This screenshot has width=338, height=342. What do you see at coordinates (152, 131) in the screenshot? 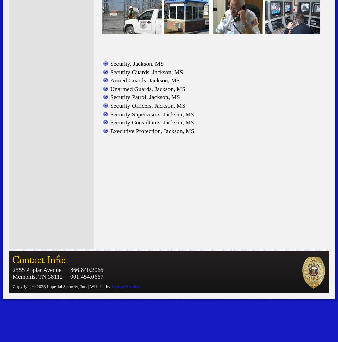
I see `'Executive Protection, Jackson, MS'` at bounding box center [152, 131].